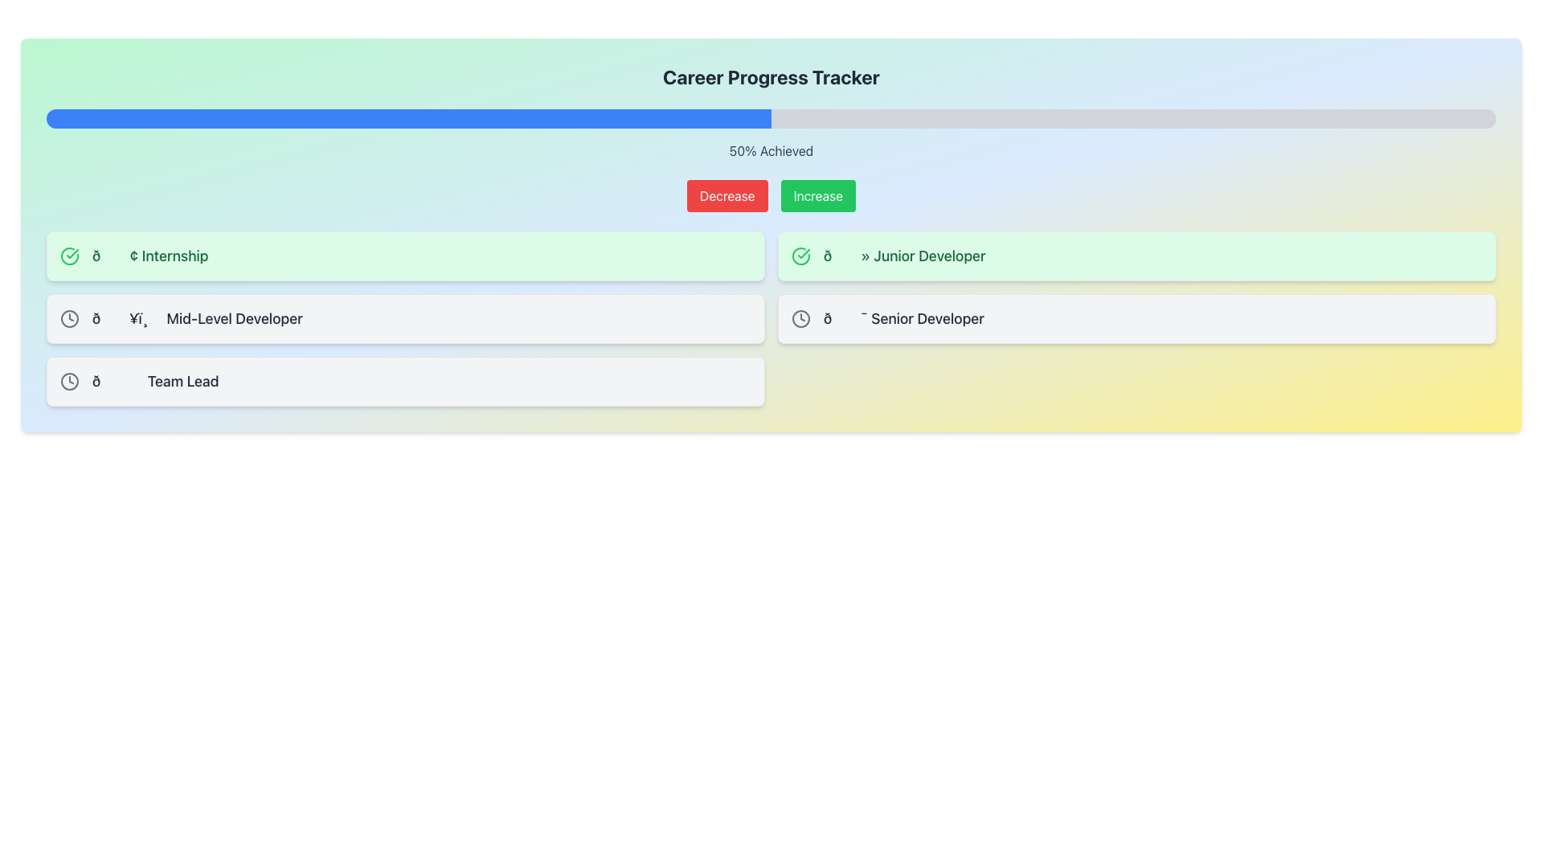 The width and height of the screenshot is (1543, 868). I want to click on the clock icon located at the far left of the card labeled '🎯 Senior Developer', so click(801, 319).